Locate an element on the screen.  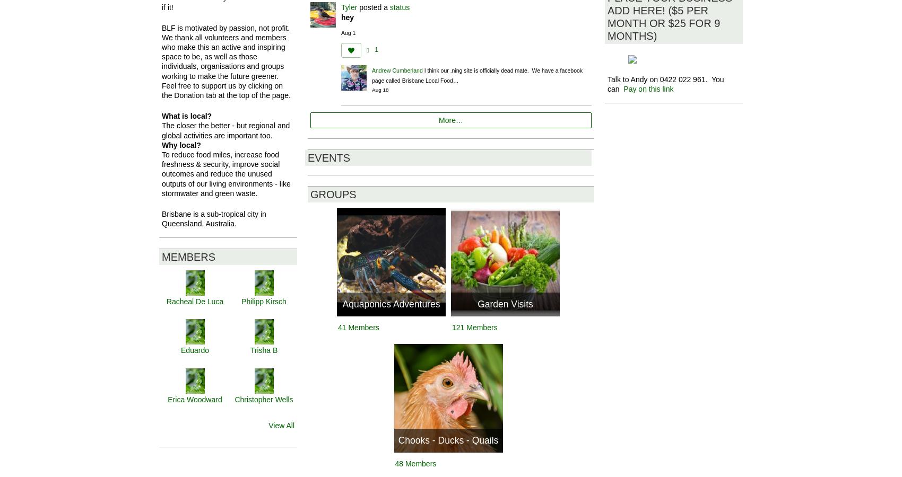
'status' is located at coordinates (398, 7).